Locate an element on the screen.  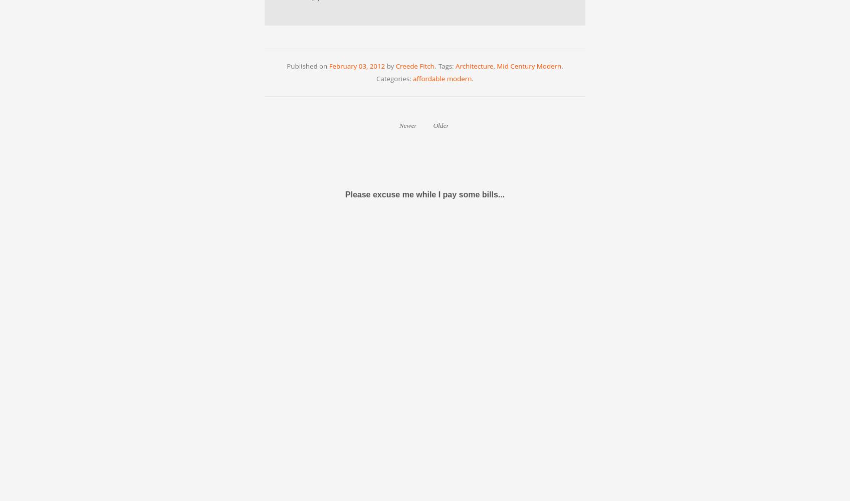
'February 03, 2012' is located at coordinates (356, 66).